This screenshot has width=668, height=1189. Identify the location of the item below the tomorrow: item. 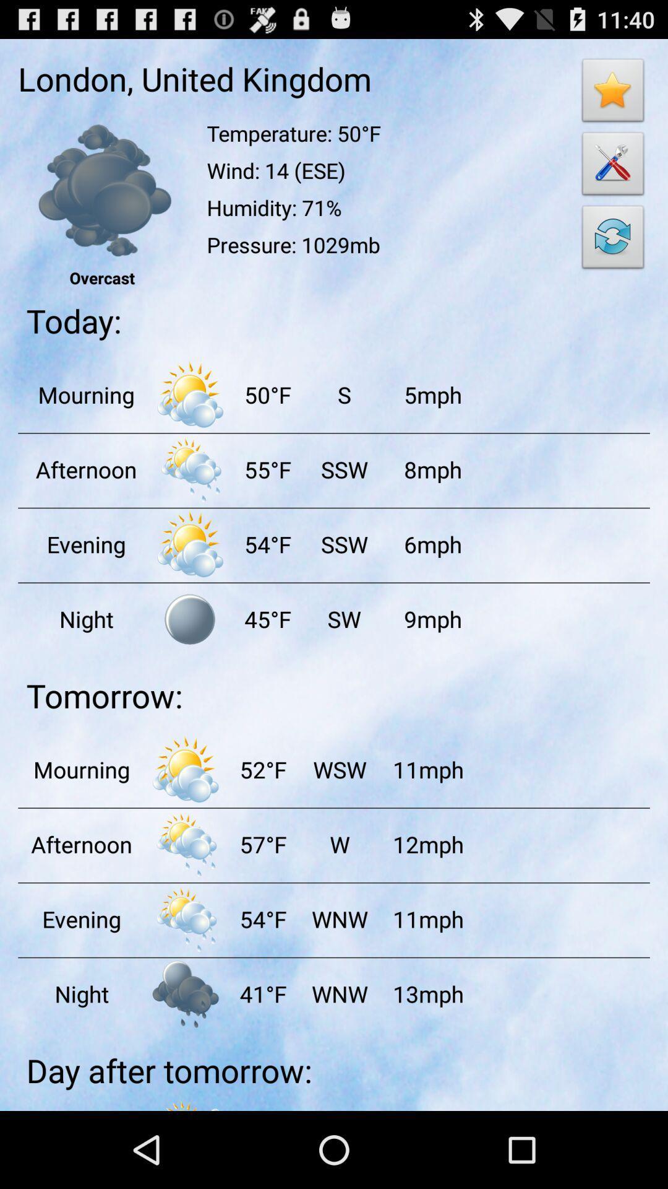
(262, 769).